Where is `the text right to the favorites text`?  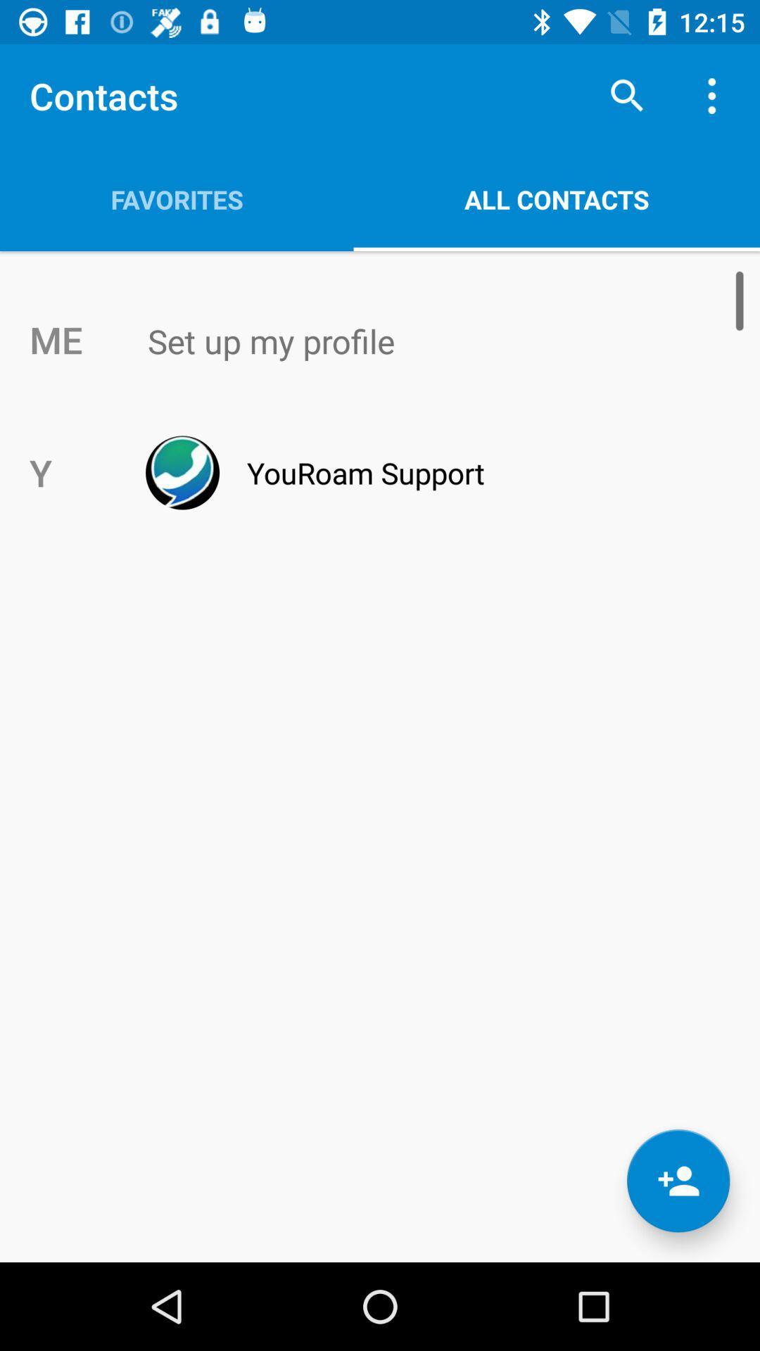
the text right to the favorites text is located at coordinates (556, 198).